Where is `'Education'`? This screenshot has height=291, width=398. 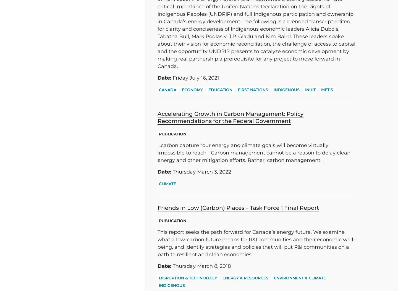 'Education' is located at coordinates (220, 90).